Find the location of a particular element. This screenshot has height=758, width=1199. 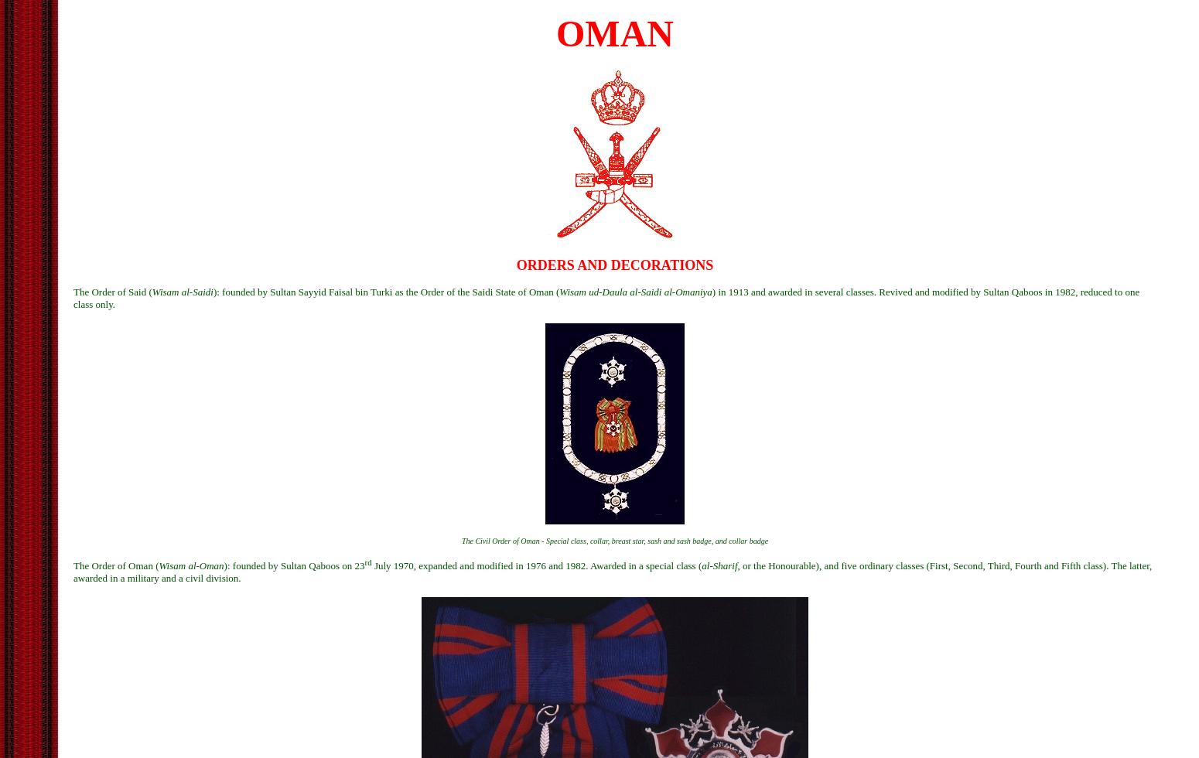

'July 1970, expanded and modified in 1976 and 1982. Awarded in a special class (' is located at coordinates (535, 565).